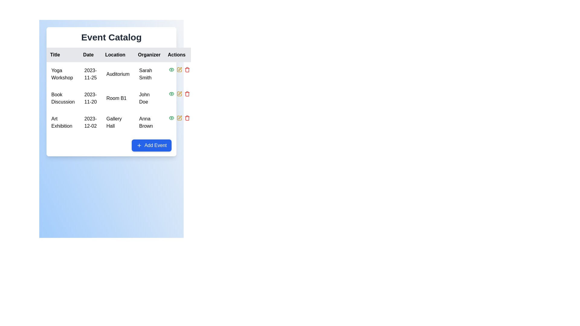  What do you see at coordinates (187, 94) in the screenshot?
I see `the delete button for the 'Book Discussion' event located in the 'Actions' column of the second row of the event listing table` at bounding box center [187, 94].